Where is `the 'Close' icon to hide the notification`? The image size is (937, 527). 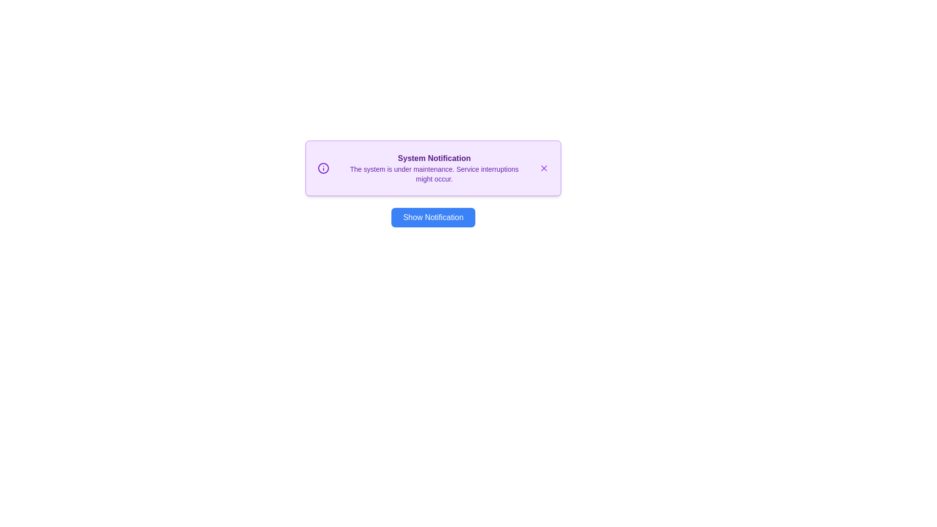
the 'Close' icon to hide the notification is located at coordinates (543, 167).